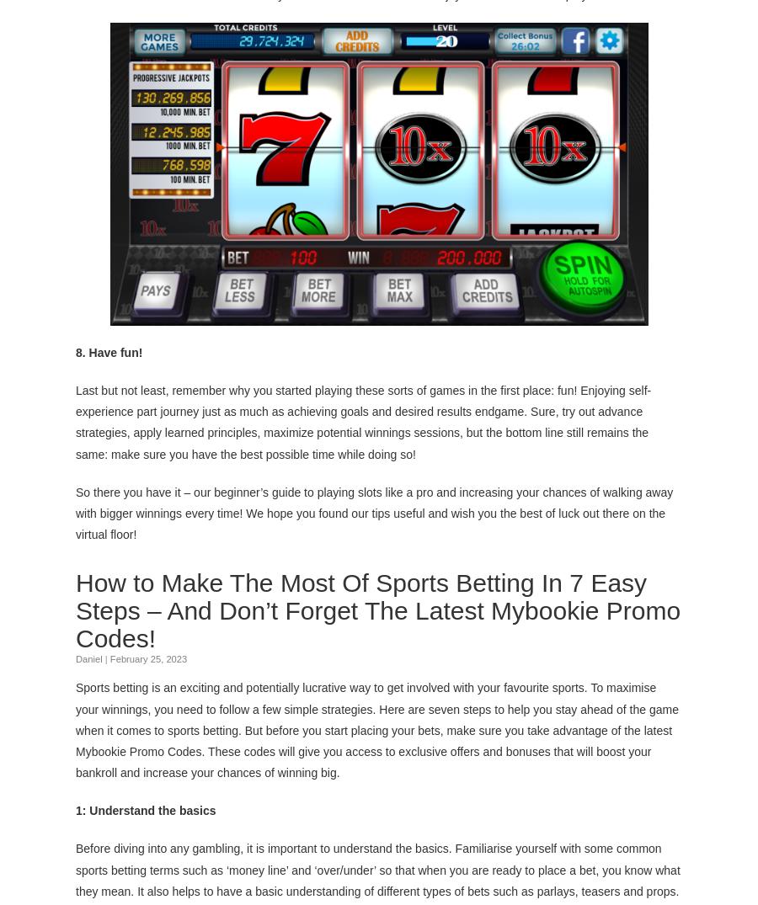 Image resolution: width=758 pixels, height=905 pixels. Describe the element at coordinates (148, 658) in the screenshot. I see `'February 25, 2023'` at that location.